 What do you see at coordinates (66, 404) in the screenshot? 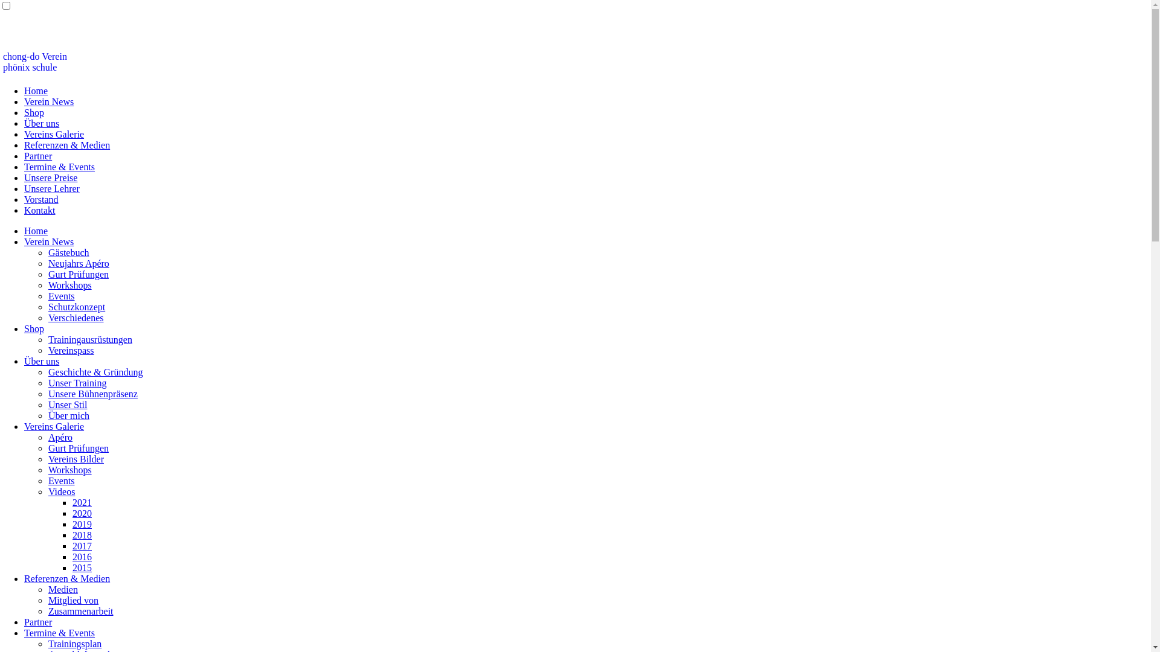
I see `'Unser Stil'` at bounding box center [66, 404].